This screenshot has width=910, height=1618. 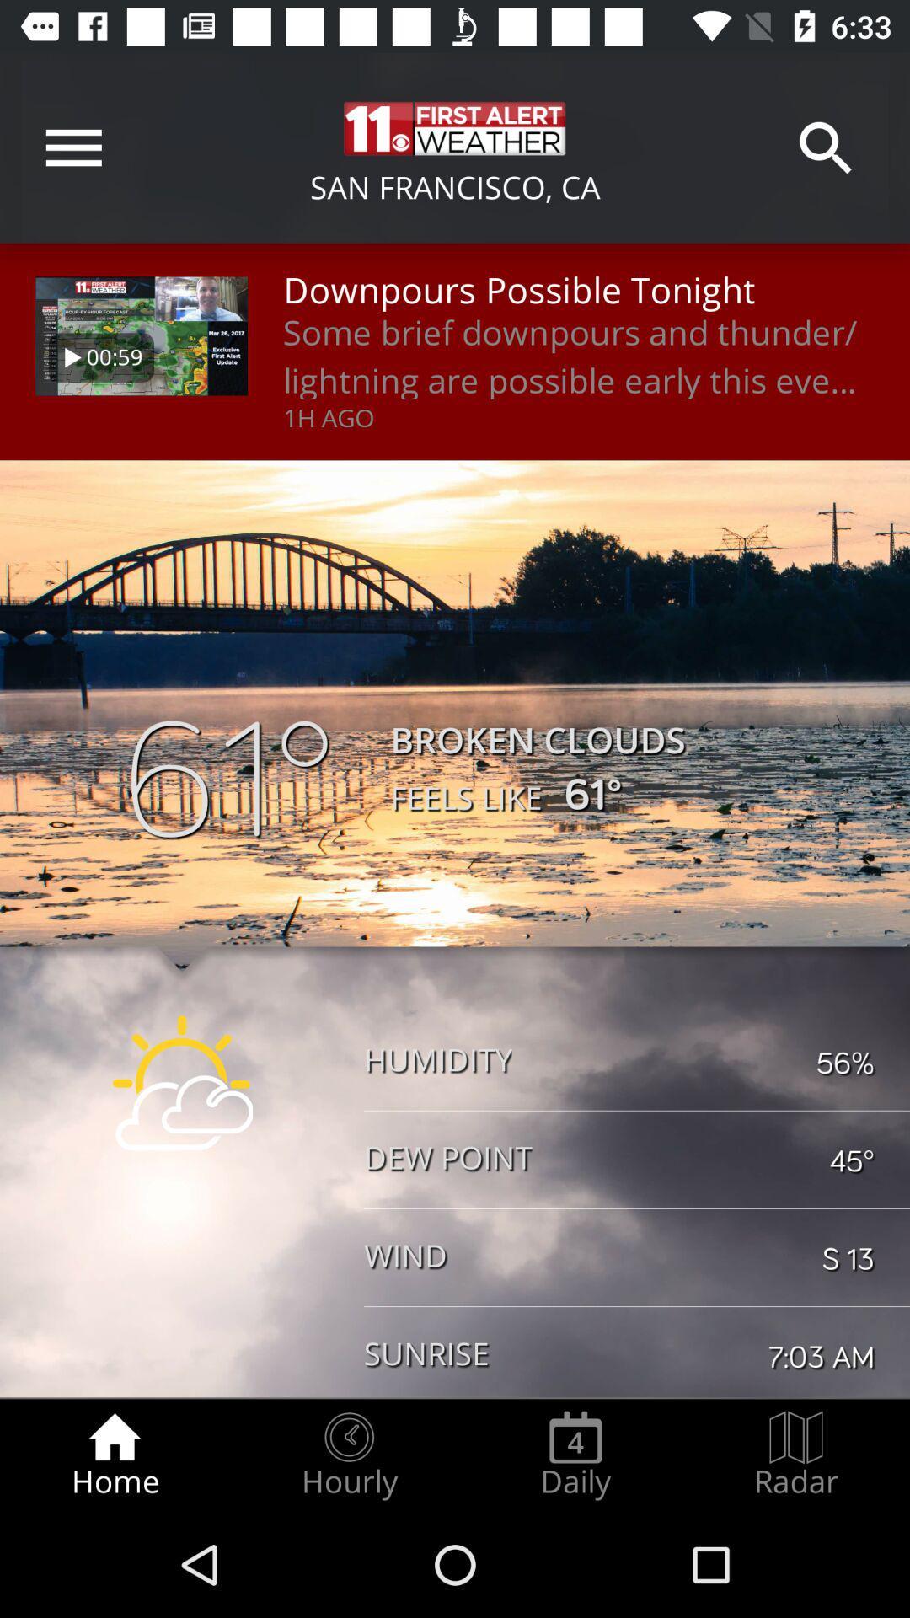 What do you see at coordinates (348, 1455) in the screenshot?
I see `radio button to the right of the home item` at bounding box center [348, 1455].